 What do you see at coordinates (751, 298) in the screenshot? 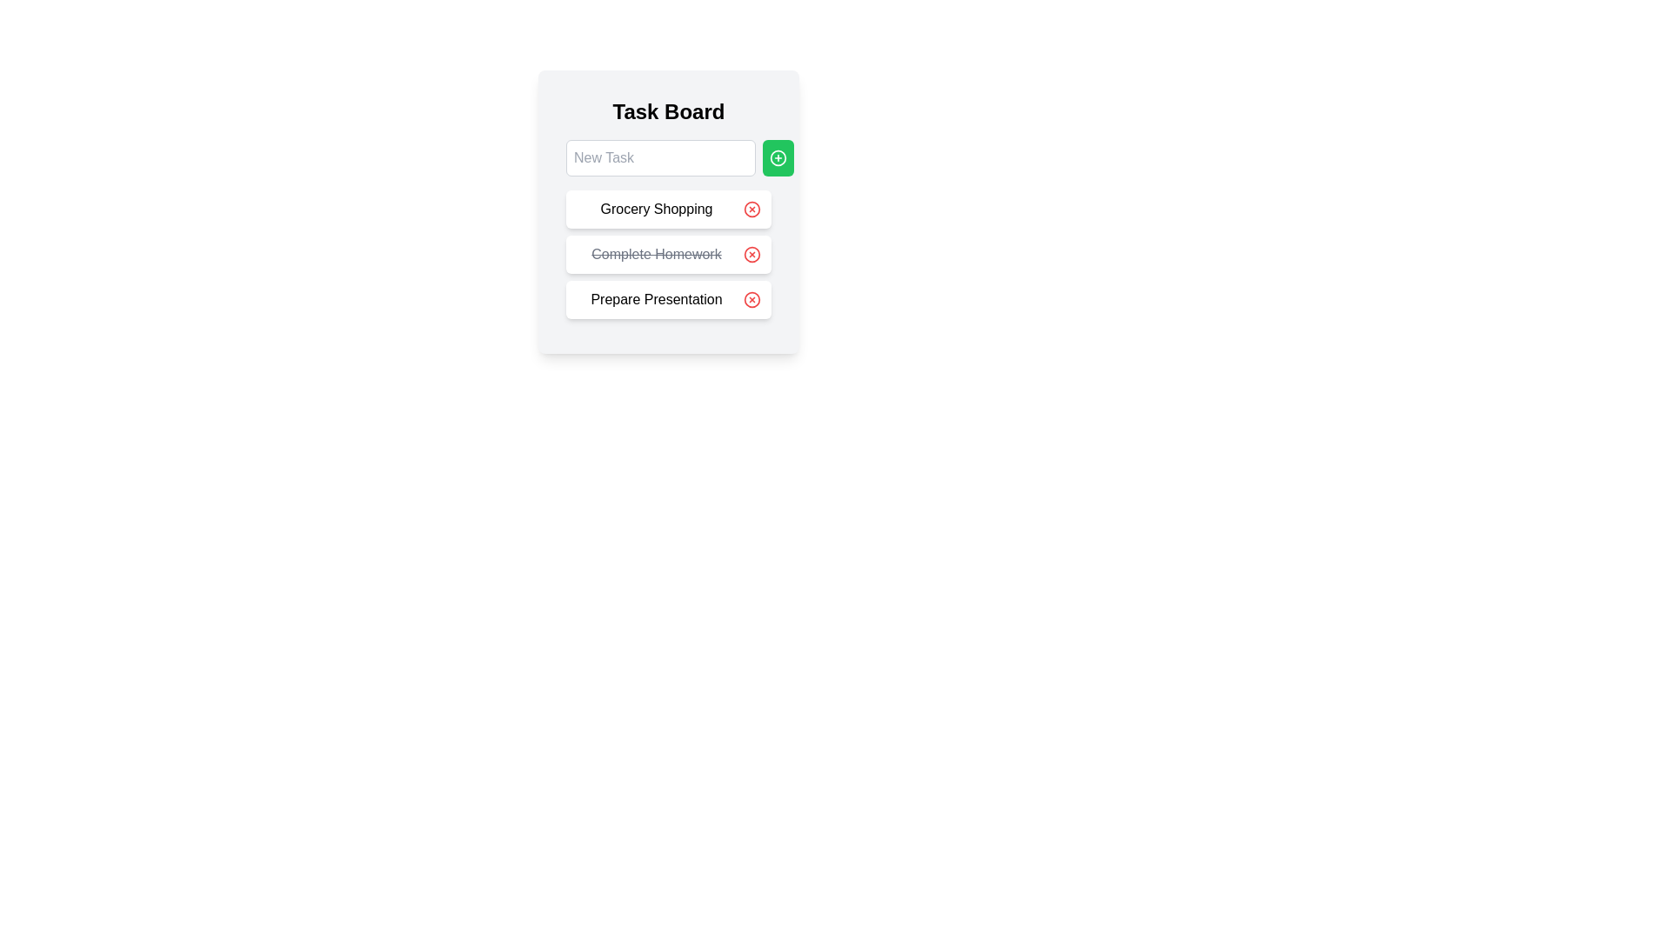
I see `the circular delete button with a red border and 'X' symbol located to the right of the 'Prepare Presentation' text` at bounding box center [751, 298].